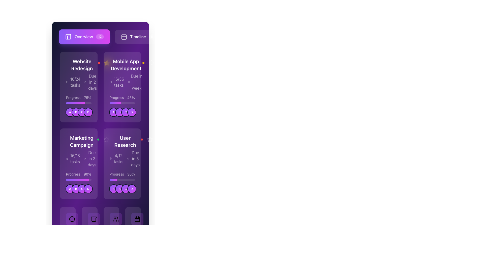 This screenshot has width=484, height=272. I want to click on the text label displaying 'Due in 2 days' within the 'Website Redesign' card, which is styled in white font on a purple background, so click(93, 82).